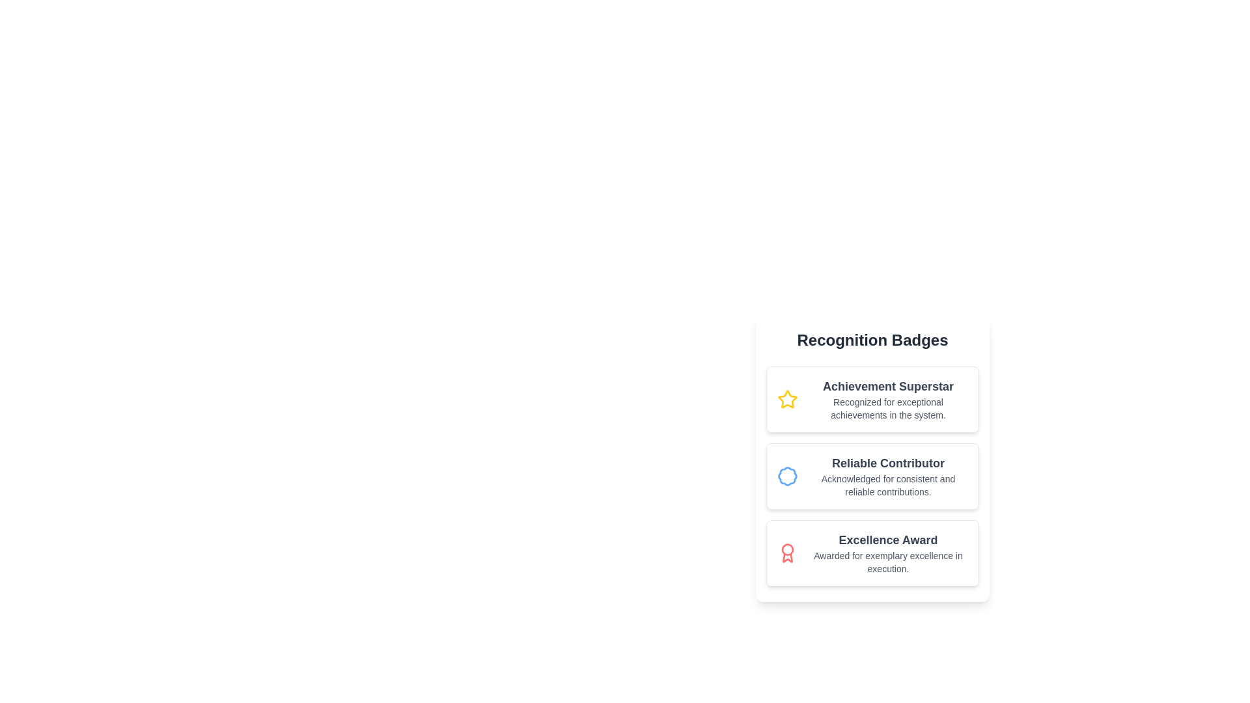  Describe the element at coordinates (786, 553) in the screenshot. I see `the 'Excellence Award' badge icon, which is the third item in the 'Recognition Badges' section, located at the bottommost portion of the section` at that location.